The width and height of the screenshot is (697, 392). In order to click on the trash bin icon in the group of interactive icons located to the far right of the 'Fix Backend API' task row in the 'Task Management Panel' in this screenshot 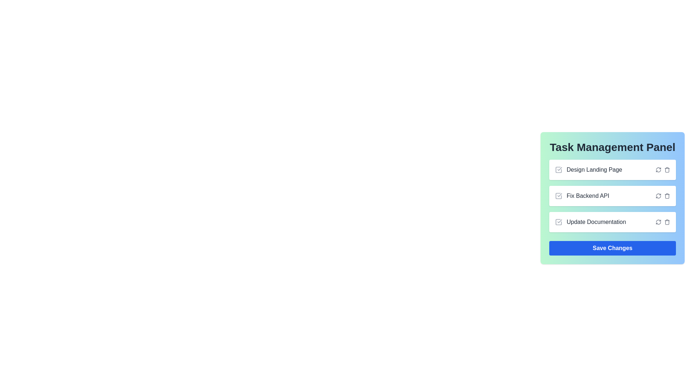, I will do `click(663, 196)`.